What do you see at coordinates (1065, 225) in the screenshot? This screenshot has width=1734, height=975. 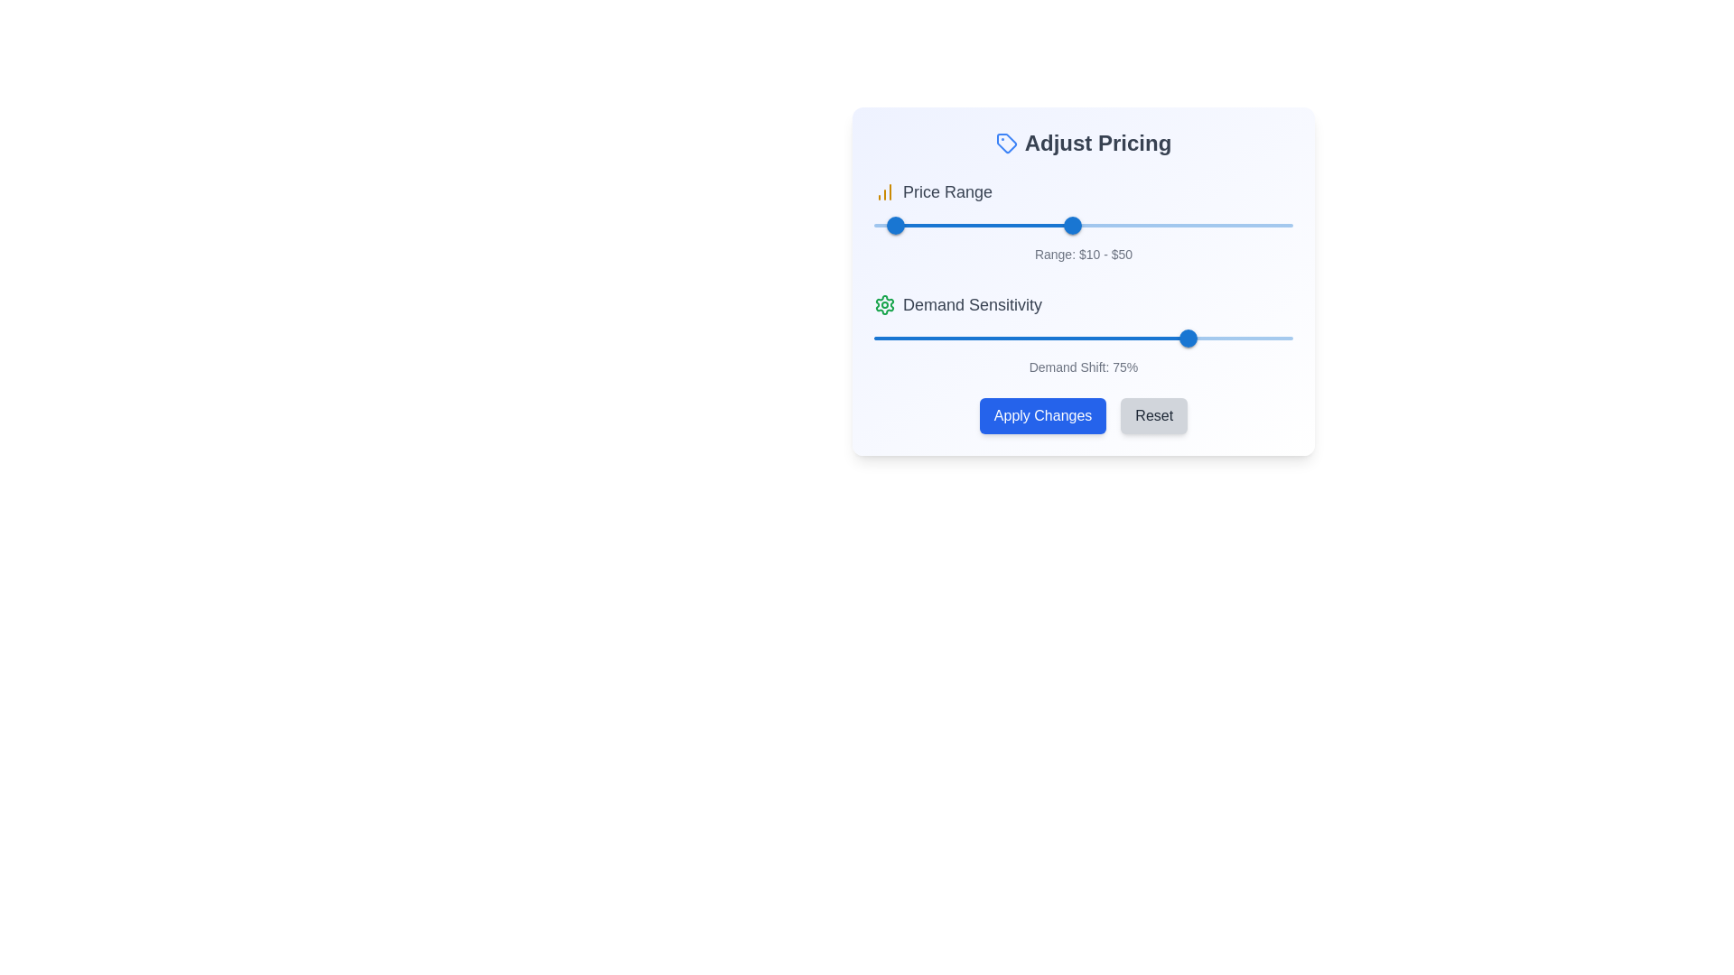 I see `the price range slider` at bounding box center [1065, 225].